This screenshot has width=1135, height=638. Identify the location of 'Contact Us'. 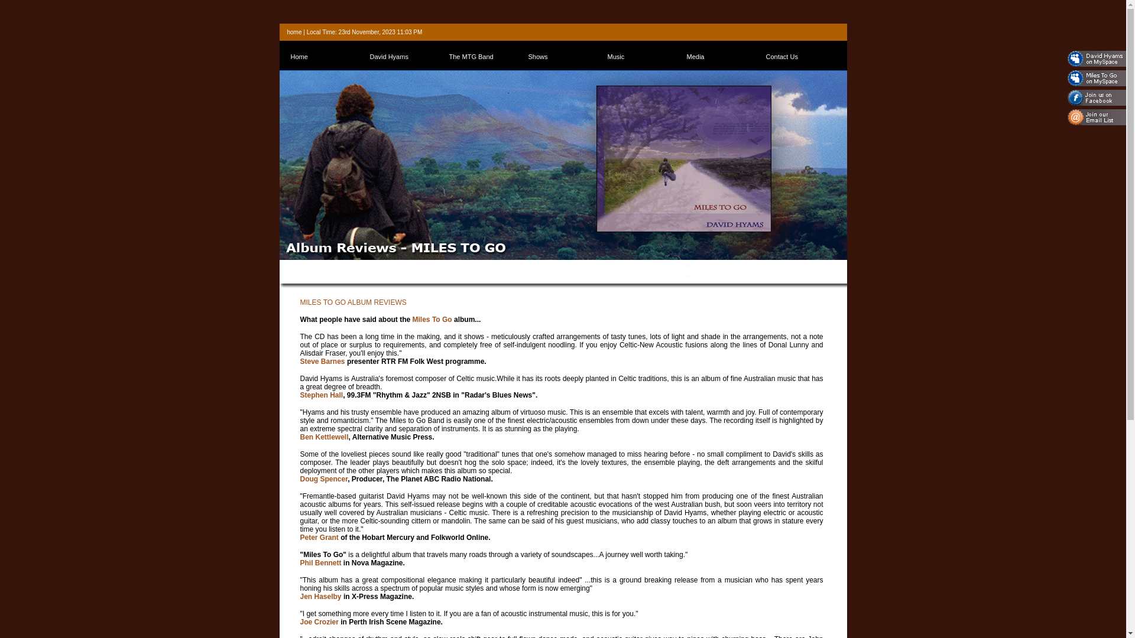
(802, 57).